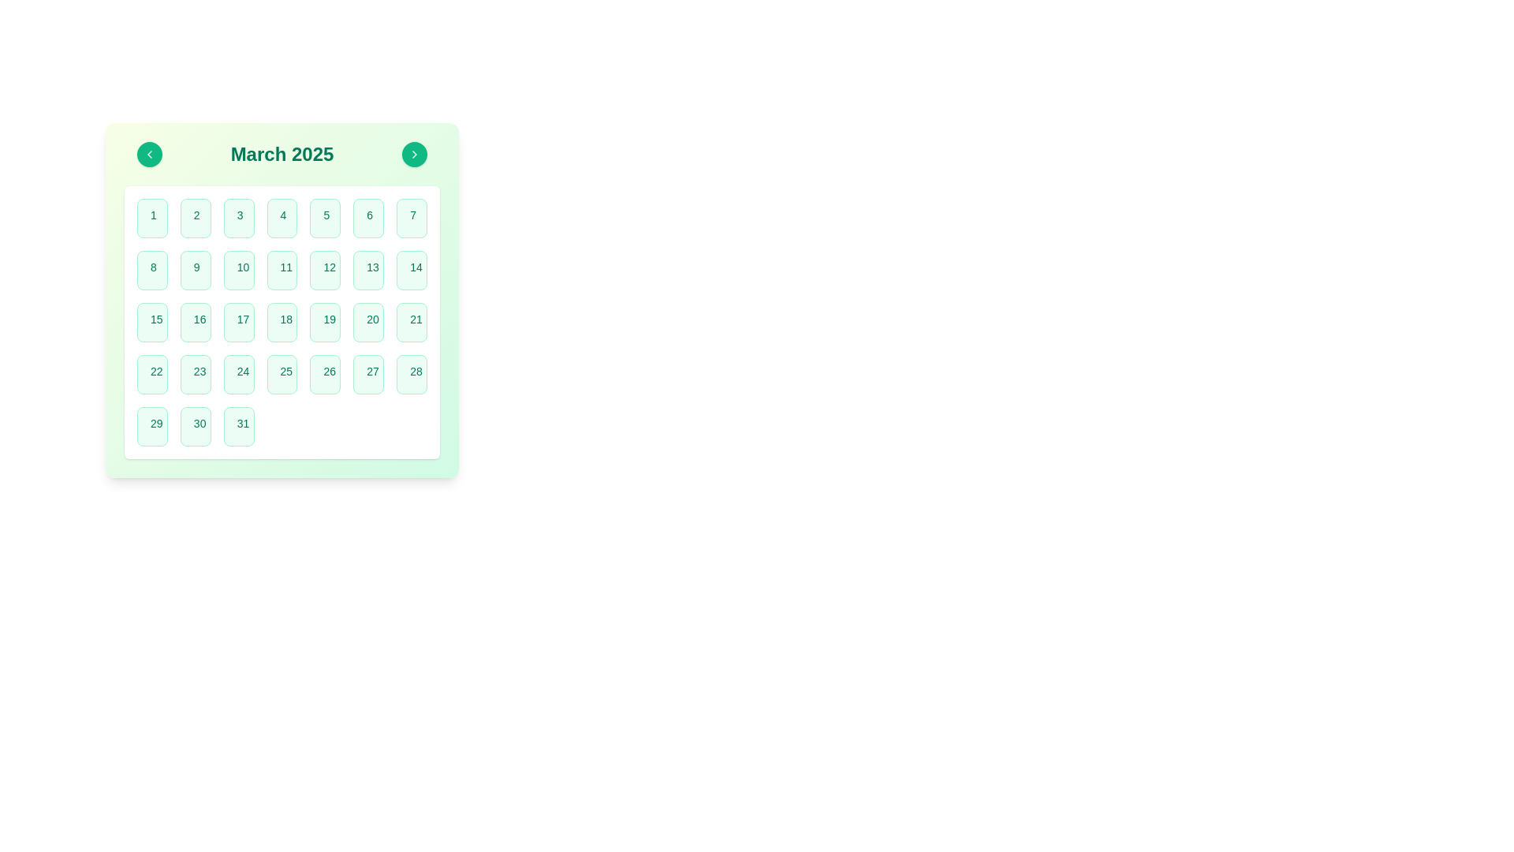  I want to click on the calendar date cell representing the 11th day in the March 2025 calendar interface, so click(282, 270).